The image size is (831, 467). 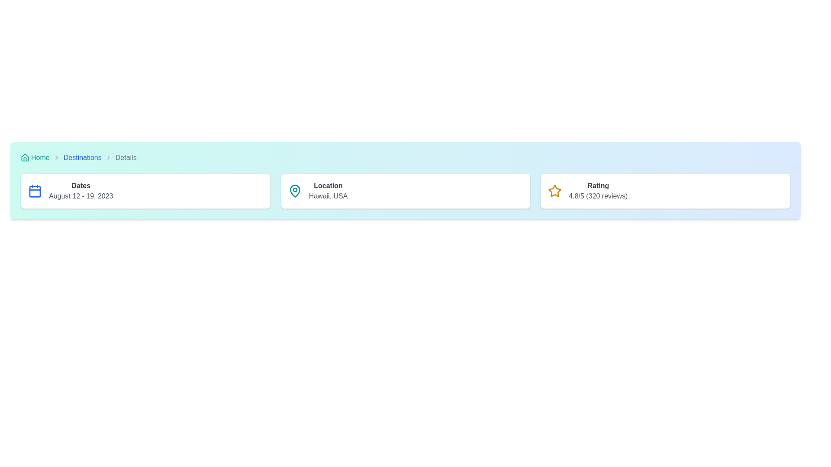 What do you see at coordinates (295, 191) in the screenshot?
I see `the visual context of the teal map pin icon located to the left of 'Location Hawaii, USA' within a white card` at bounding box center [295, 191].